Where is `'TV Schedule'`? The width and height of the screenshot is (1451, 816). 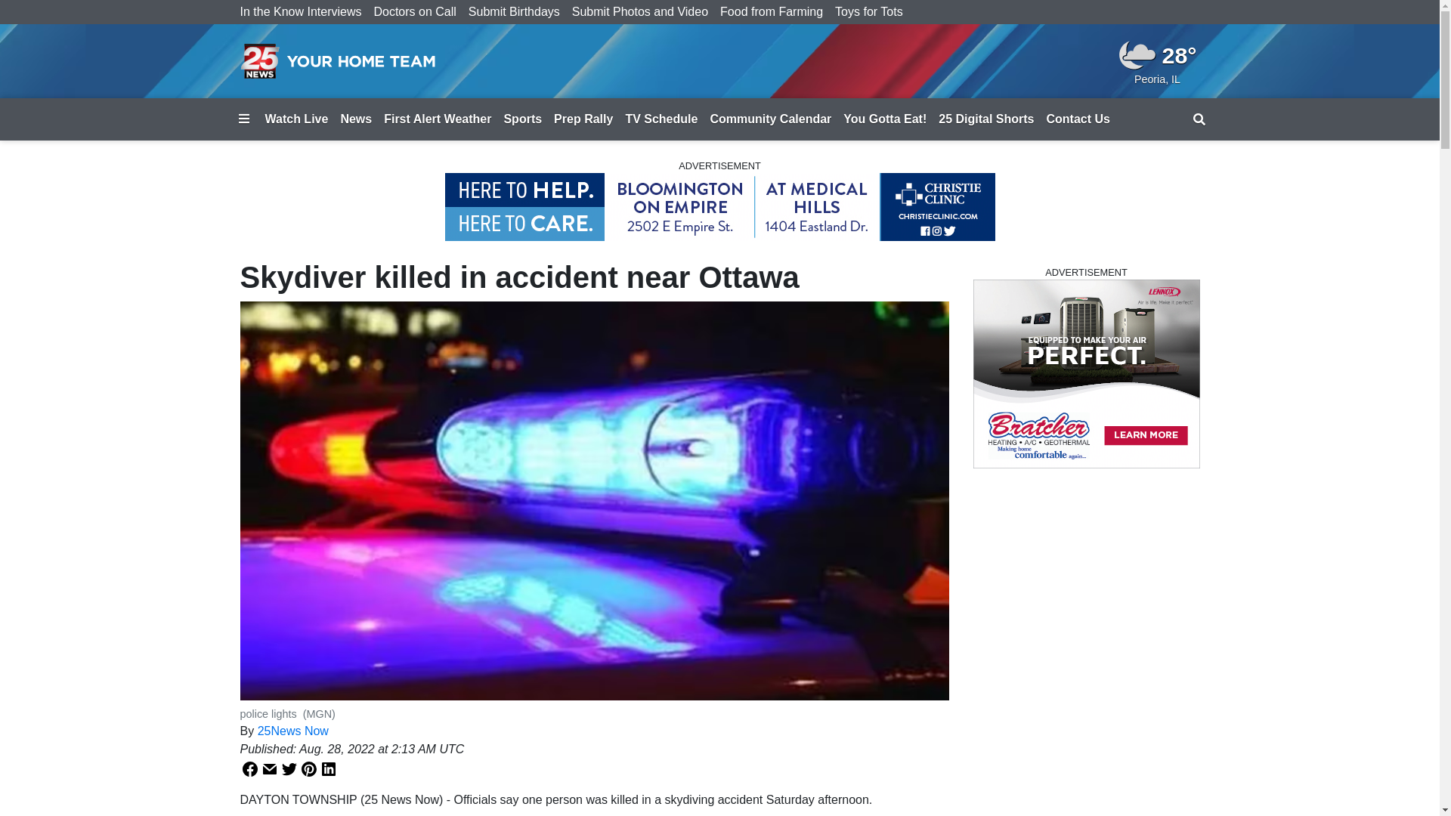
'TV Schedule' is located at coordinates (661, 119).